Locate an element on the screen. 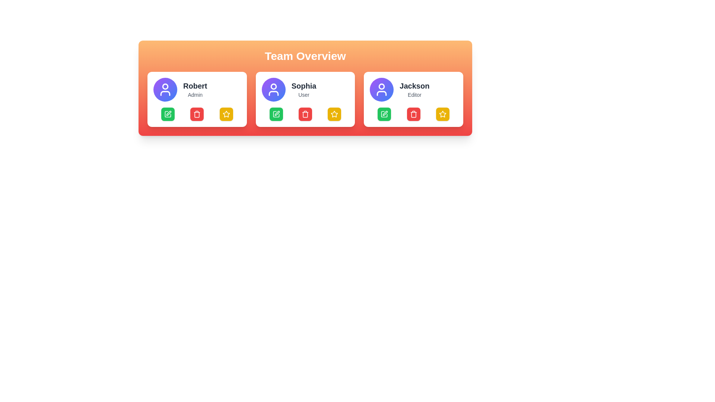  the text label displaying 'Admin' in small gray font, located directly beneath the 'Robert' label within the card layout under the 'Team Overview' section is located at coordinates (195, 94).